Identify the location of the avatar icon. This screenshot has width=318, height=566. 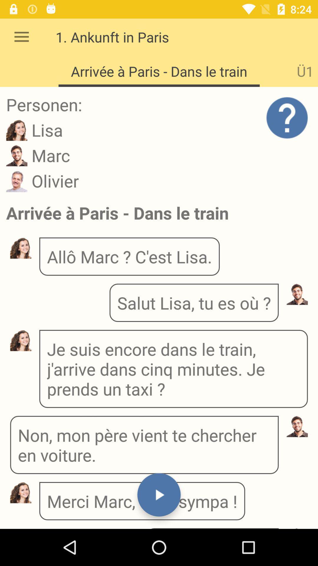
(20, 248).